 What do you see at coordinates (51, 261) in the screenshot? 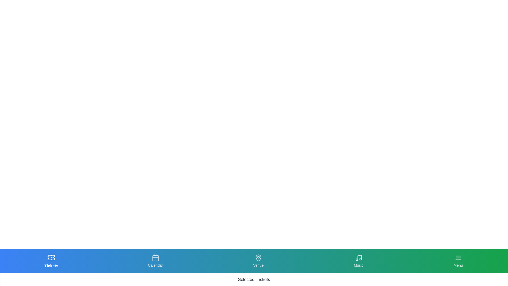
I see `the Tickets tab in the navigation bar` at bounding box center [51, 261].